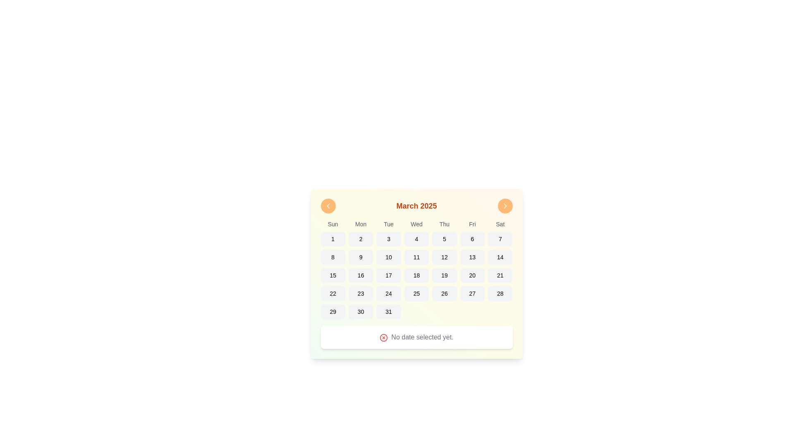 Image resolution: width=794 pixels, height=446 pixels. Describe the element at coordinates (416, 274) in the screenshot. I see `the specific date within the interactive calendar component for March 2025, which is centered around the text 'March 2025'` at that location.